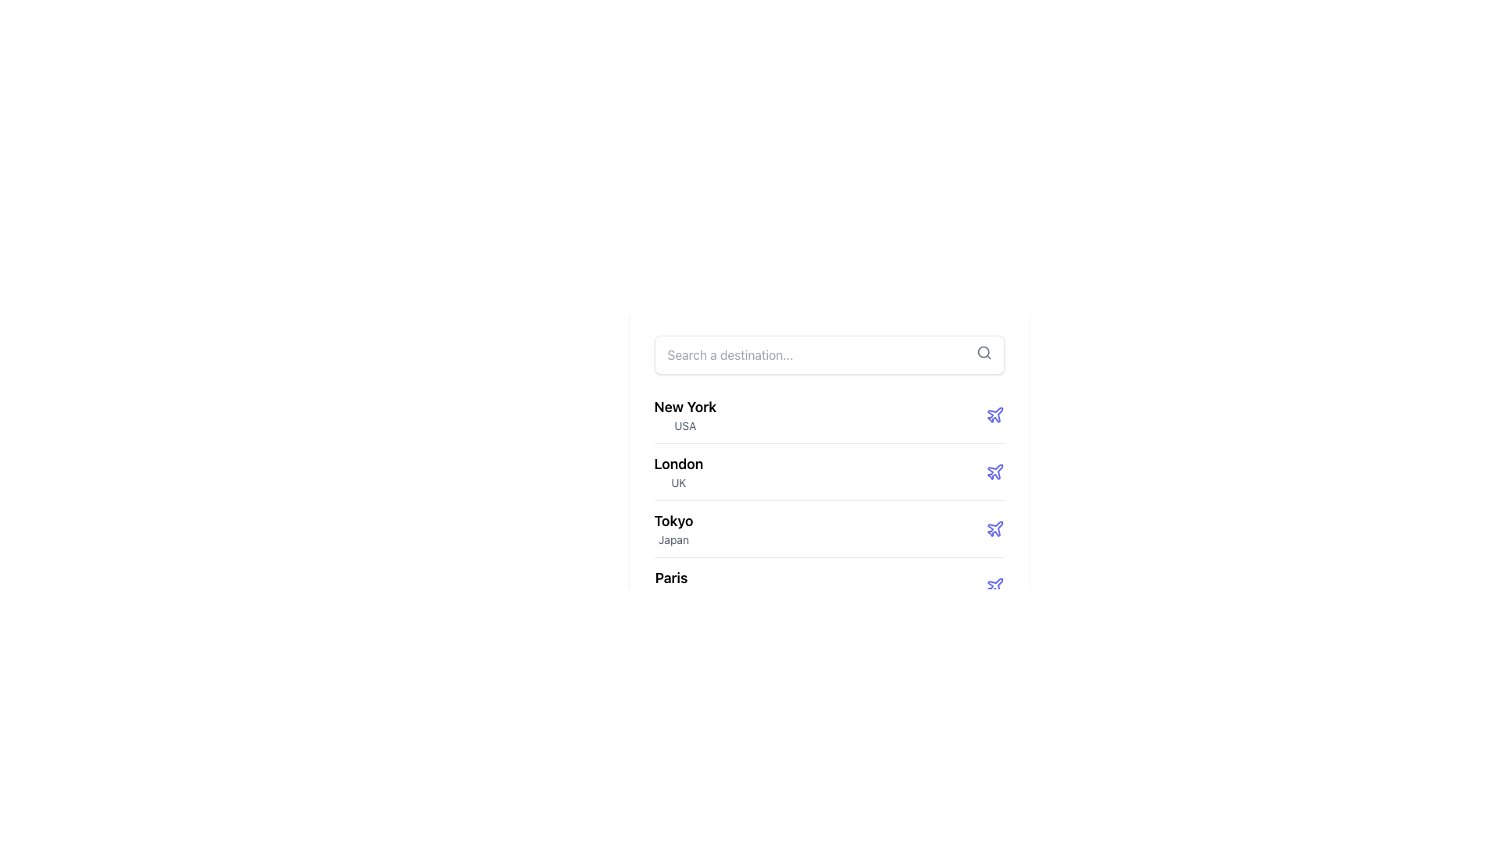  Describe the element at coordinates (994, 471) in the screenshot. I see `the airplane icon located to the right of the second list item 'London, UK' for interaction` at that location.